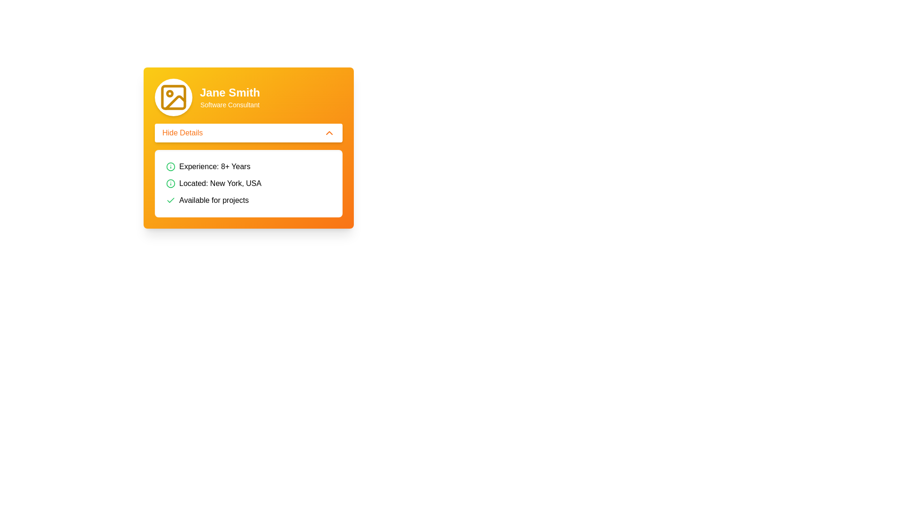 The image size is (901, 506). I want to click on the text and icon element displaying 'Experience: 8+ Years' with a green circular icon featuring an 'i' symbol, located in the user details section of the user card, so click(248, 166).